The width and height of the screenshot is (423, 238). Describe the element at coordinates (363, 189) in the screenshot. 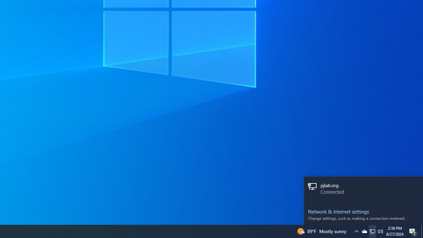

I see `'pjlab.org Connected'` at that location.